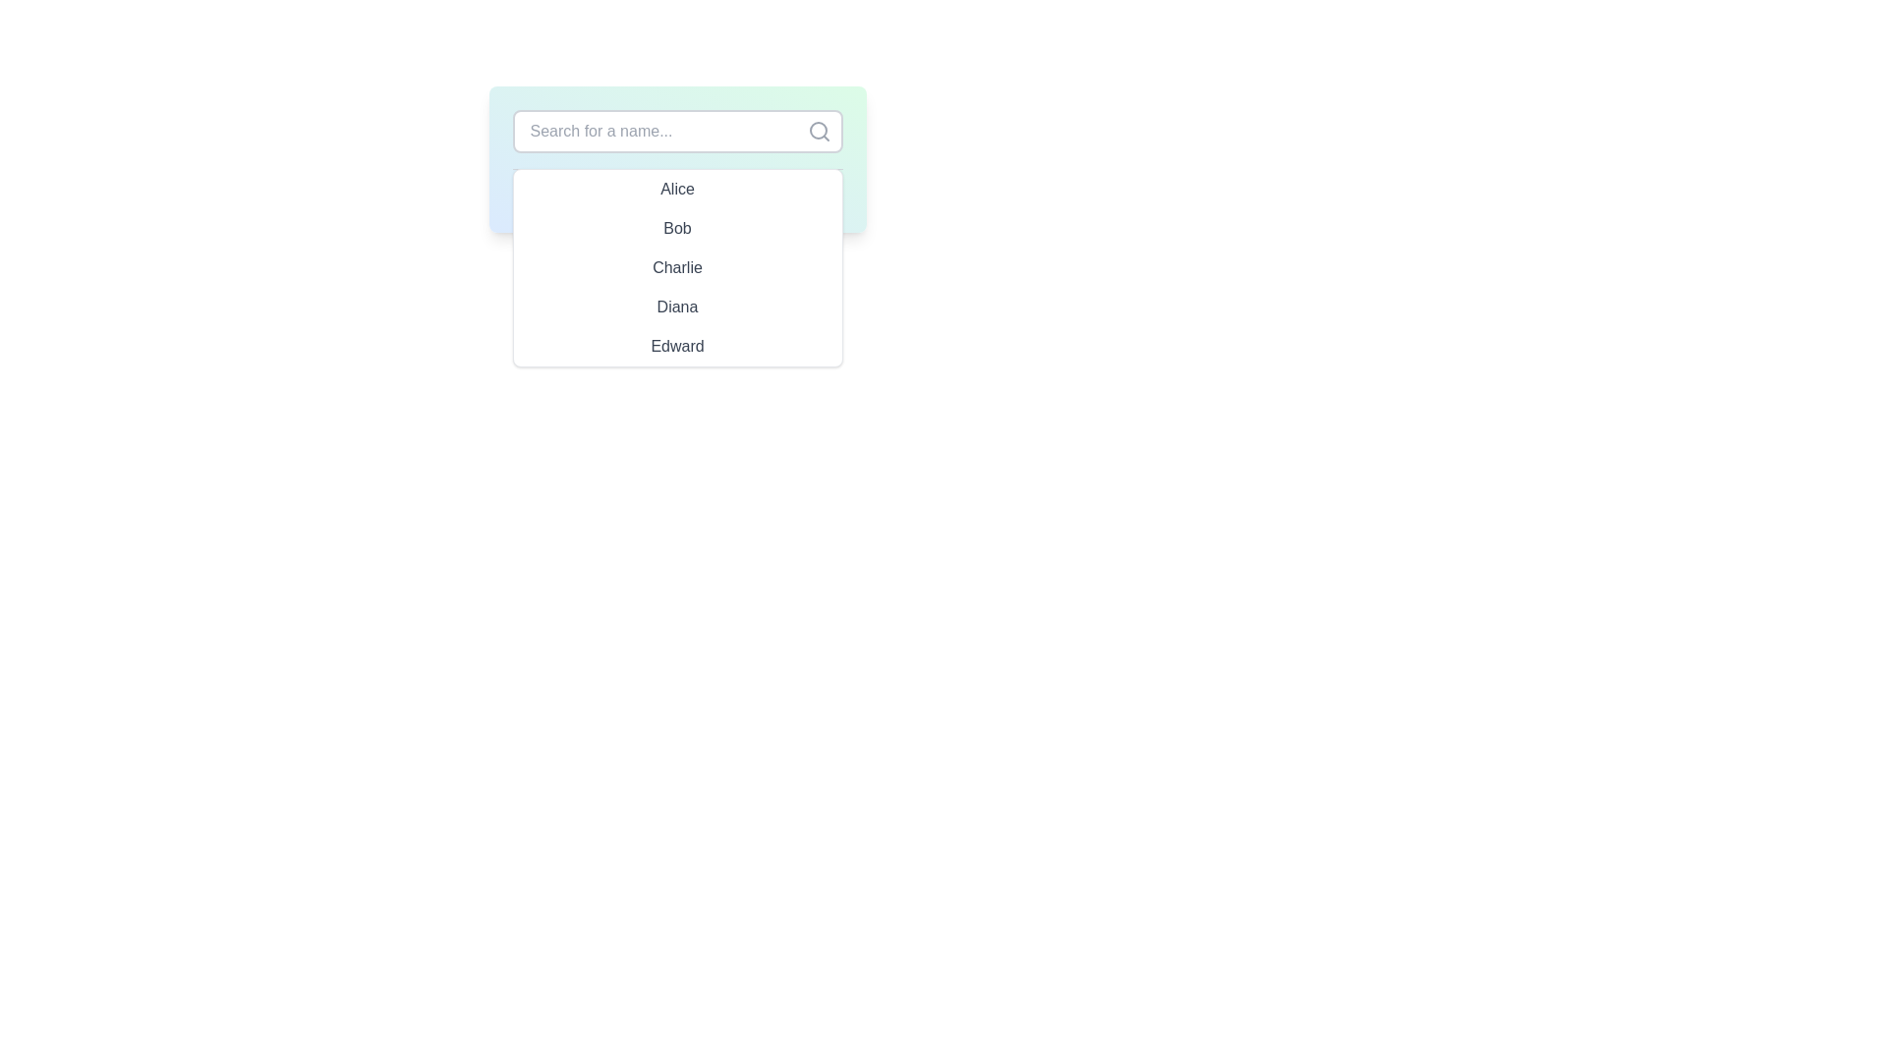  What do you see at coordinates (677, 227) in the screenshot?
I see `the second item labeled 'Bob' in the dropdown menu` at bounding box center [677, 227].